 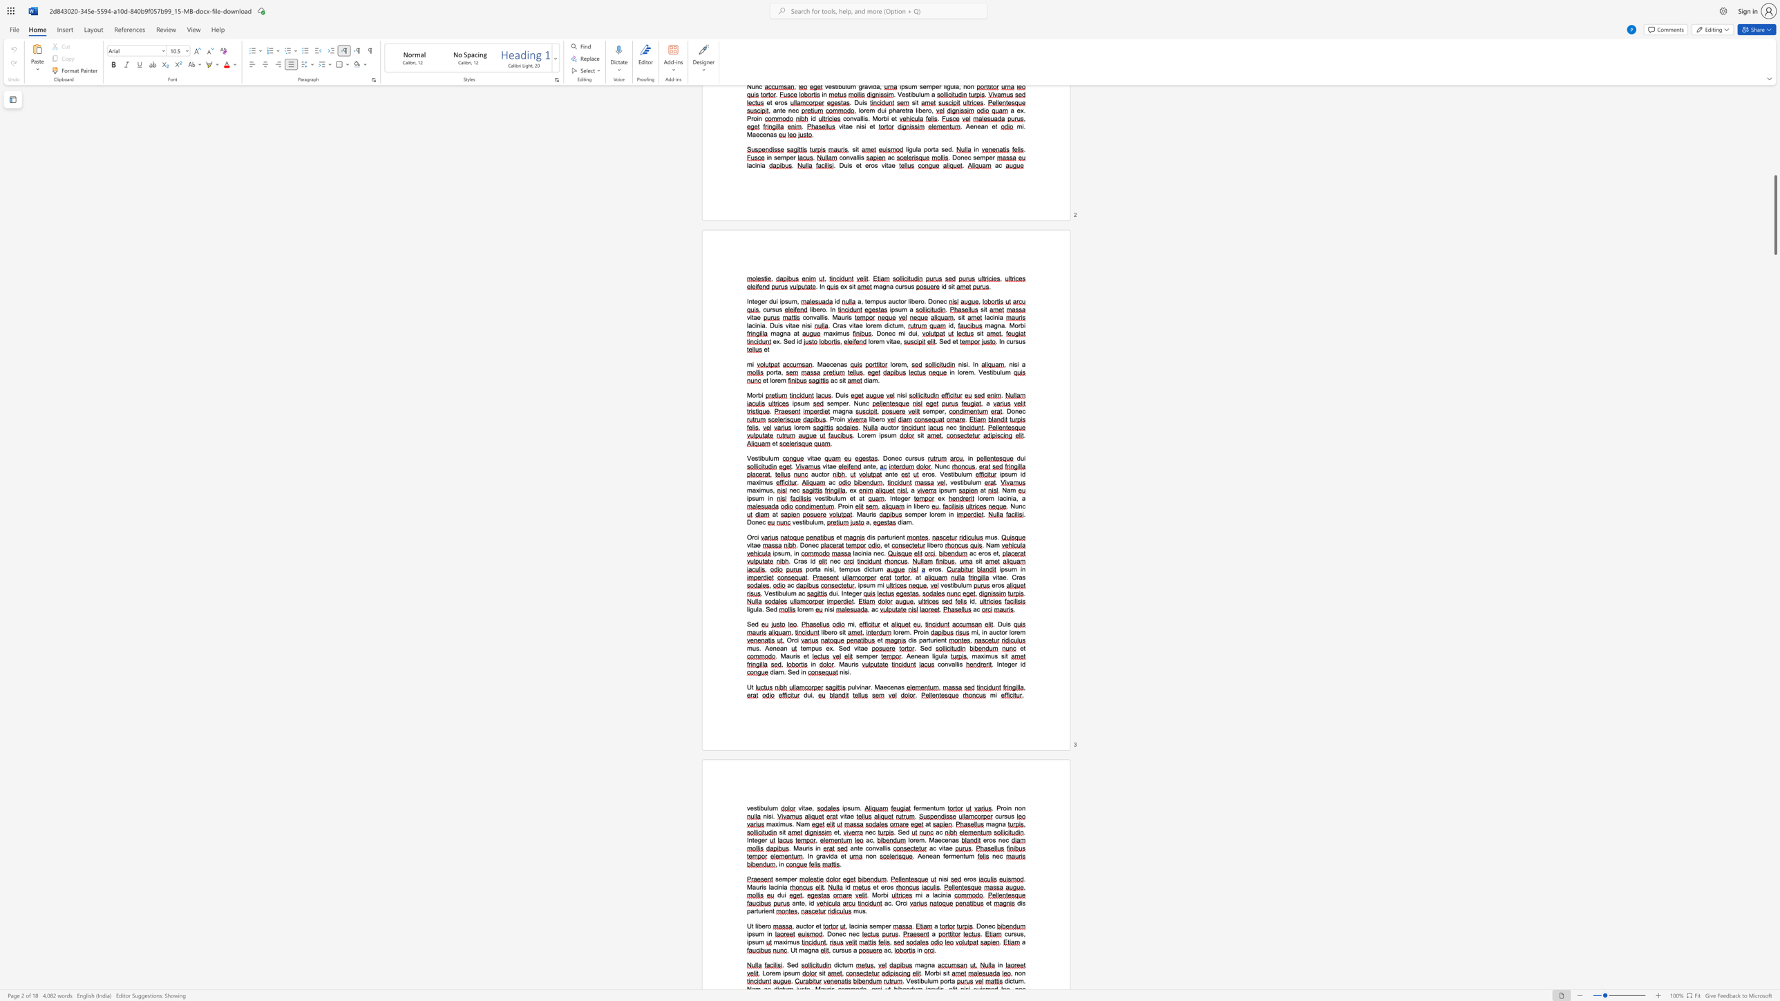 What do you see at coordinates (804, 823) in the screenshot?
I see `the space between the continuous character "a" and "m" in the text` at bounding box center [804, 823].